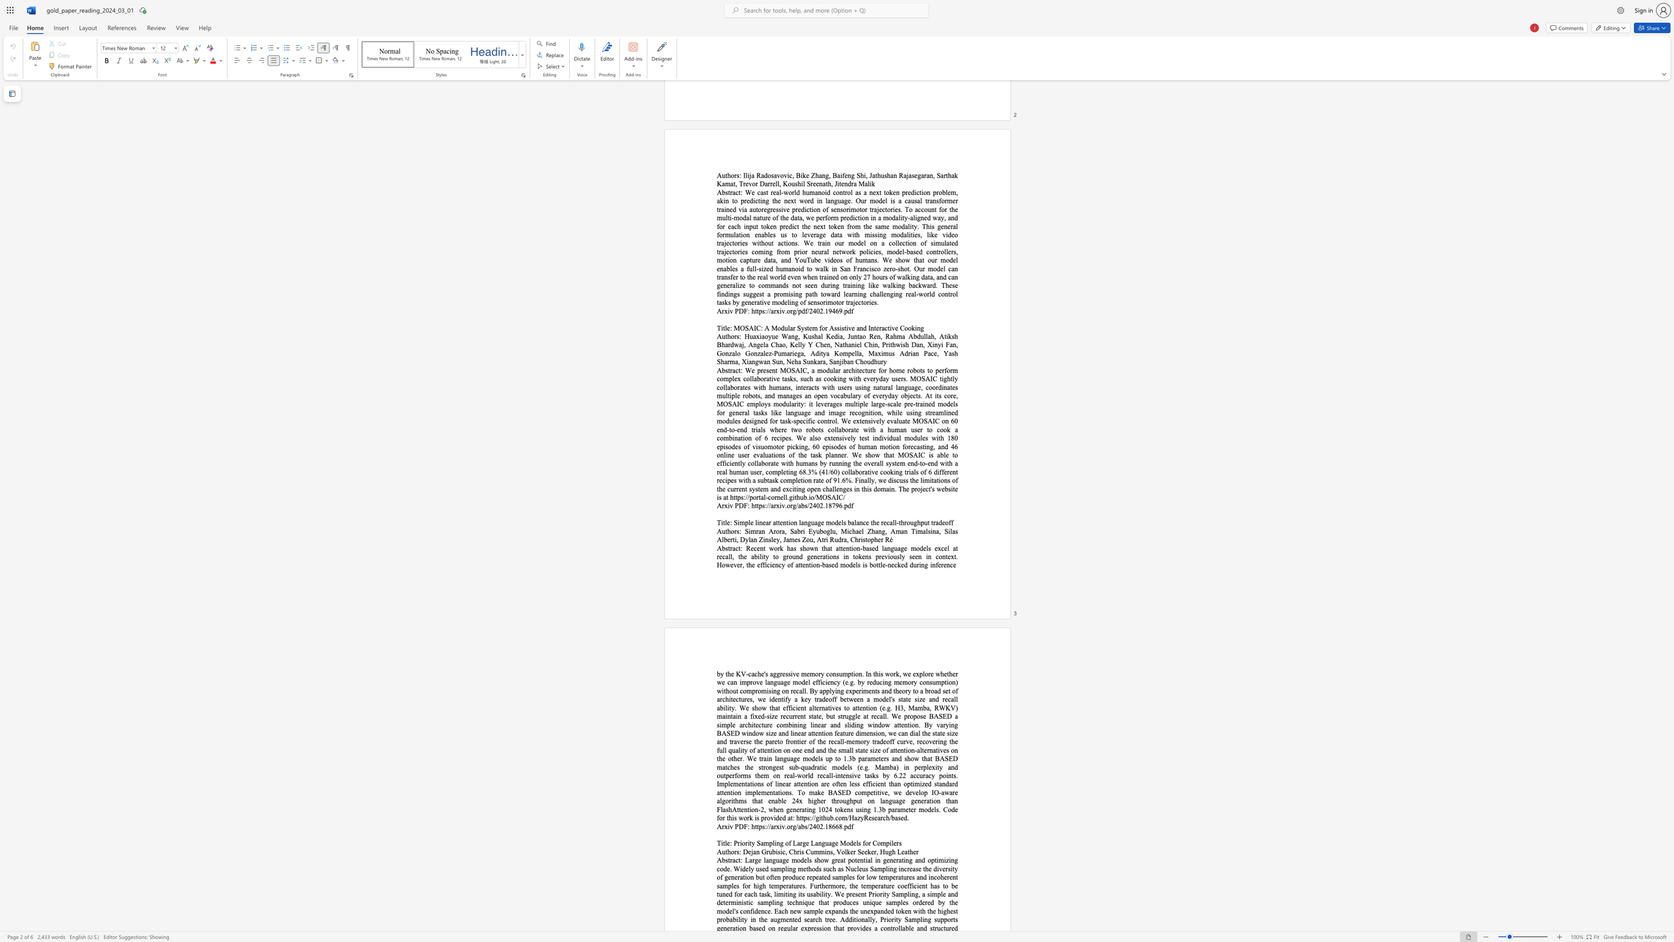 This screenshot has width=1674, height=942. Describe the element at coordinates (871, 852) in the screenshot. I see `the subset text "er, Hug" within the text "Dejan Grubisic, Chris Cummins, Volker Seeker, Hugh Leather"` at that location.